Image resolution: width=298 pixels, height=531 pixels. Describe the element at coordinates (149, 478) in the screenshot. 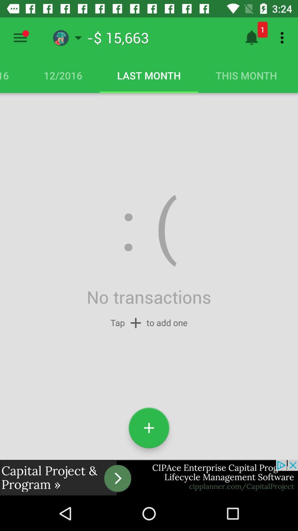

I see `share the article` at that location.